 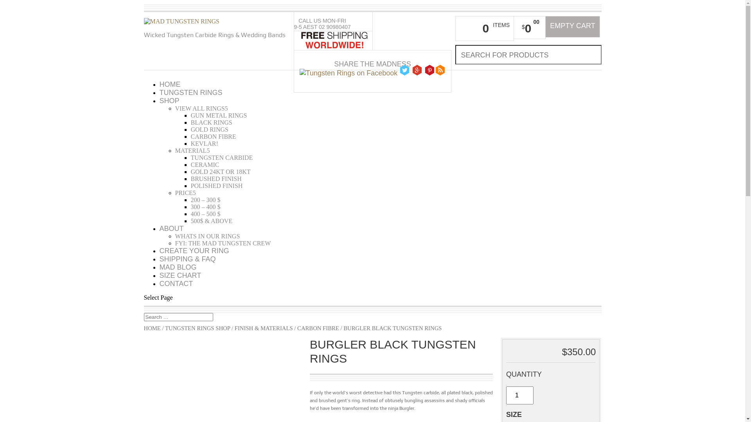 I want to click on 'TUNGSTEN CARBIDE', so click(x=221, y=157).